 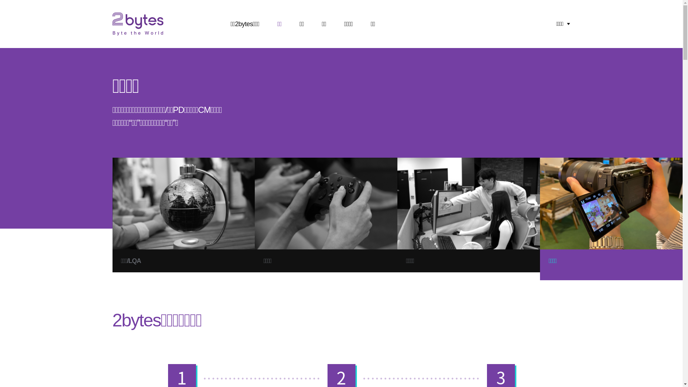 What do you see at coordinates (138, 23) in the screenshot?
I see `'2Bytes byte the world'` at bounding box center [138, 23].